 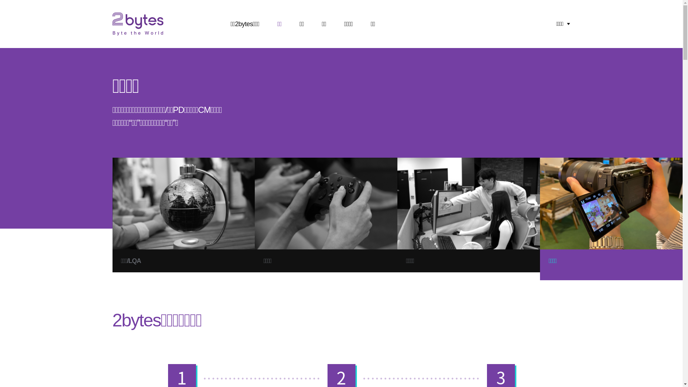 What do you see at coordinates (138, 23) in the screenshot?
I see `'2Bytes byte the world'` at bounding box center [138, 23].